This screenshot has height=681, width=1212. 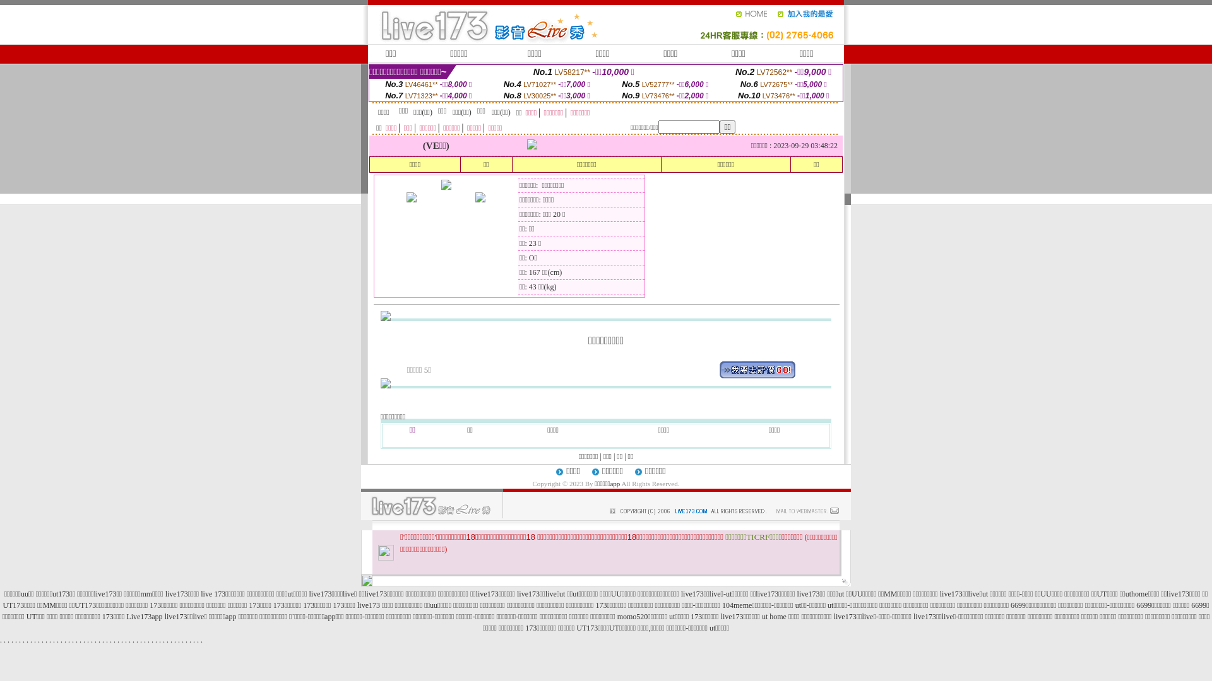 I want to click on '.', so click(x=169, y=639).